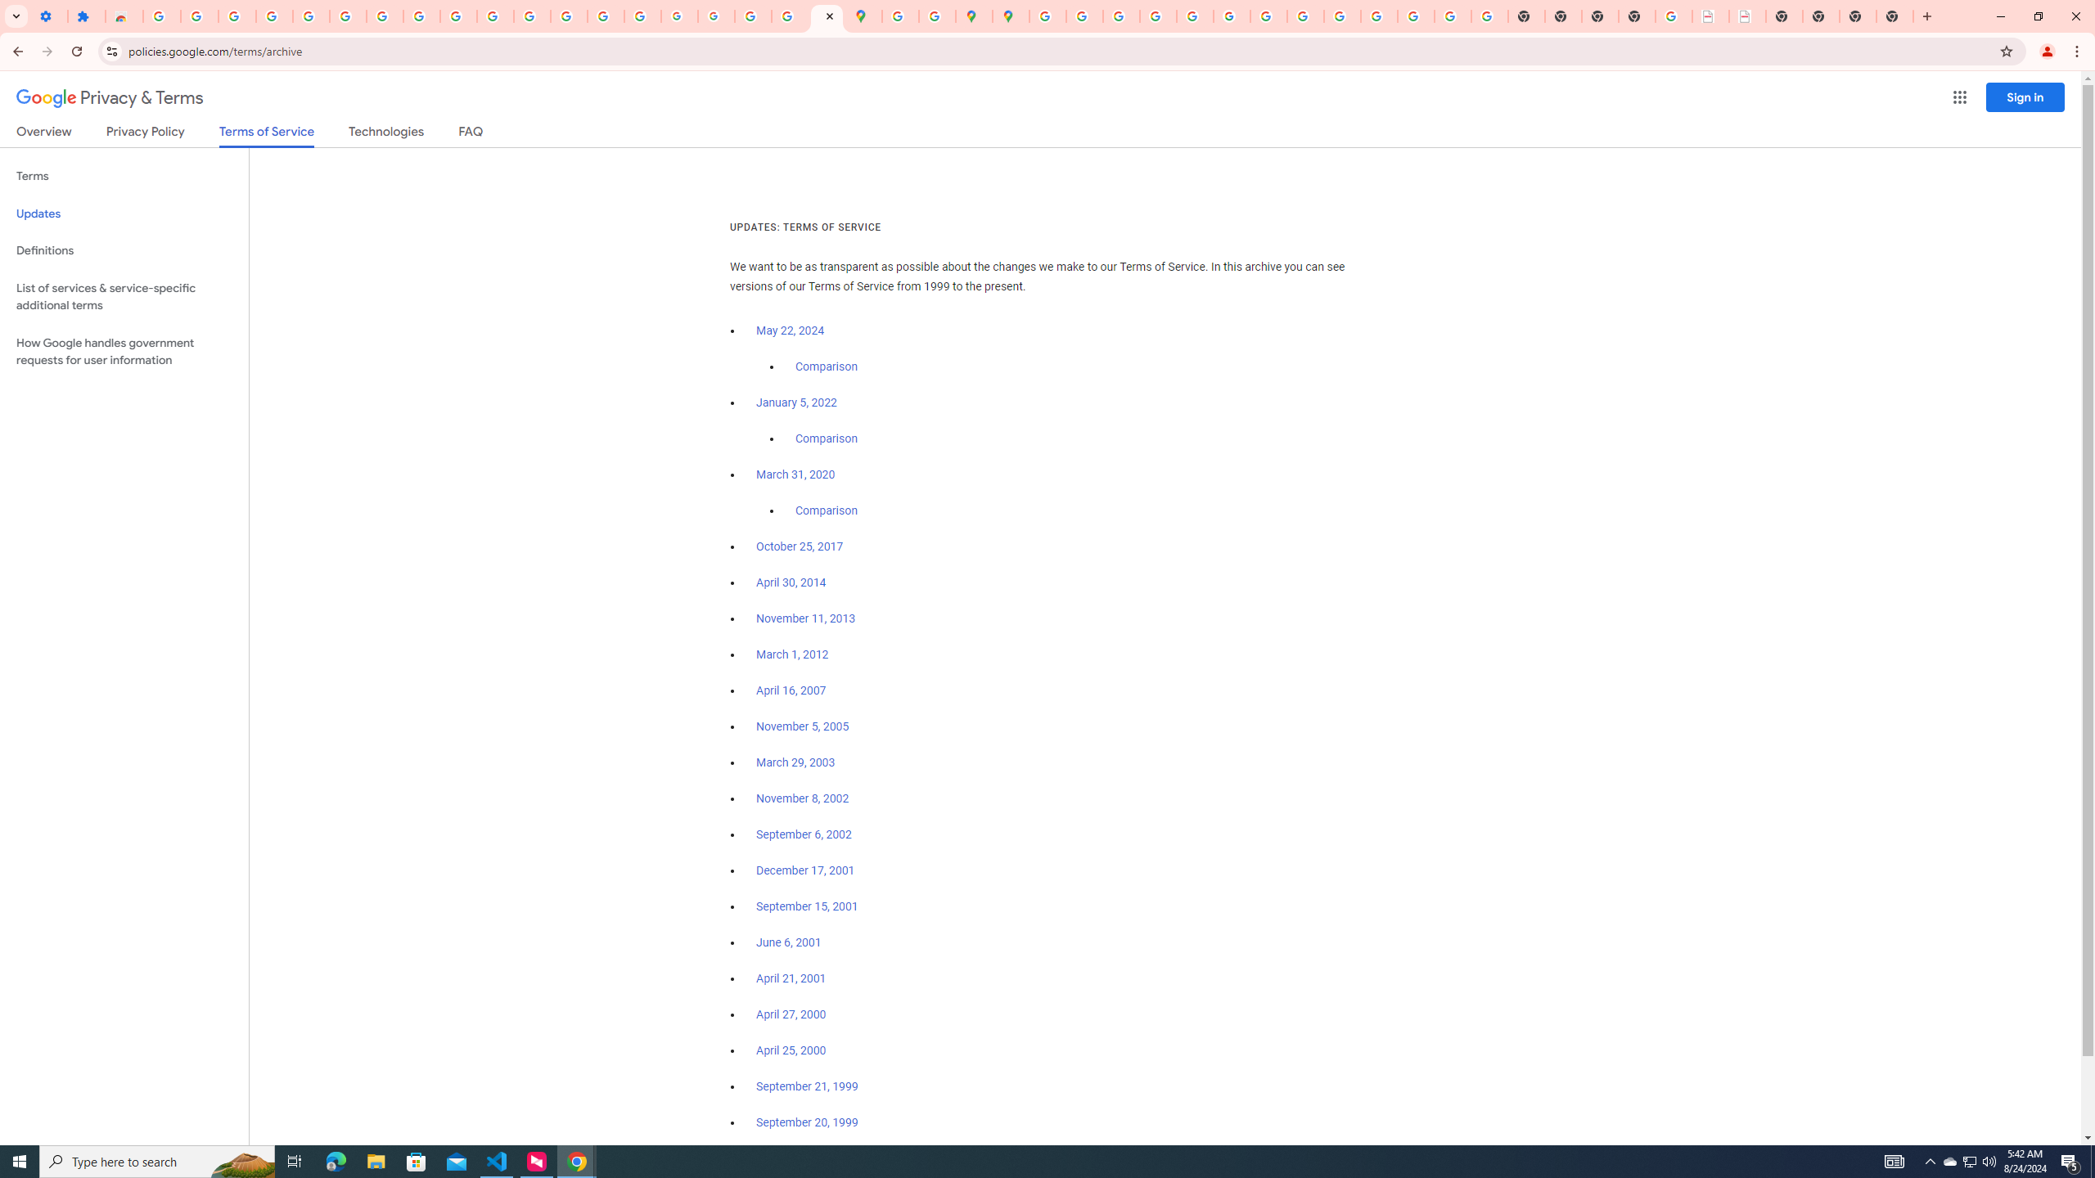 Image resolution: width=2095 pixels, height=1178 pixels. I want to click on 'Delete photos & videos - Computer - Google Photos Help', so click(237, 16).